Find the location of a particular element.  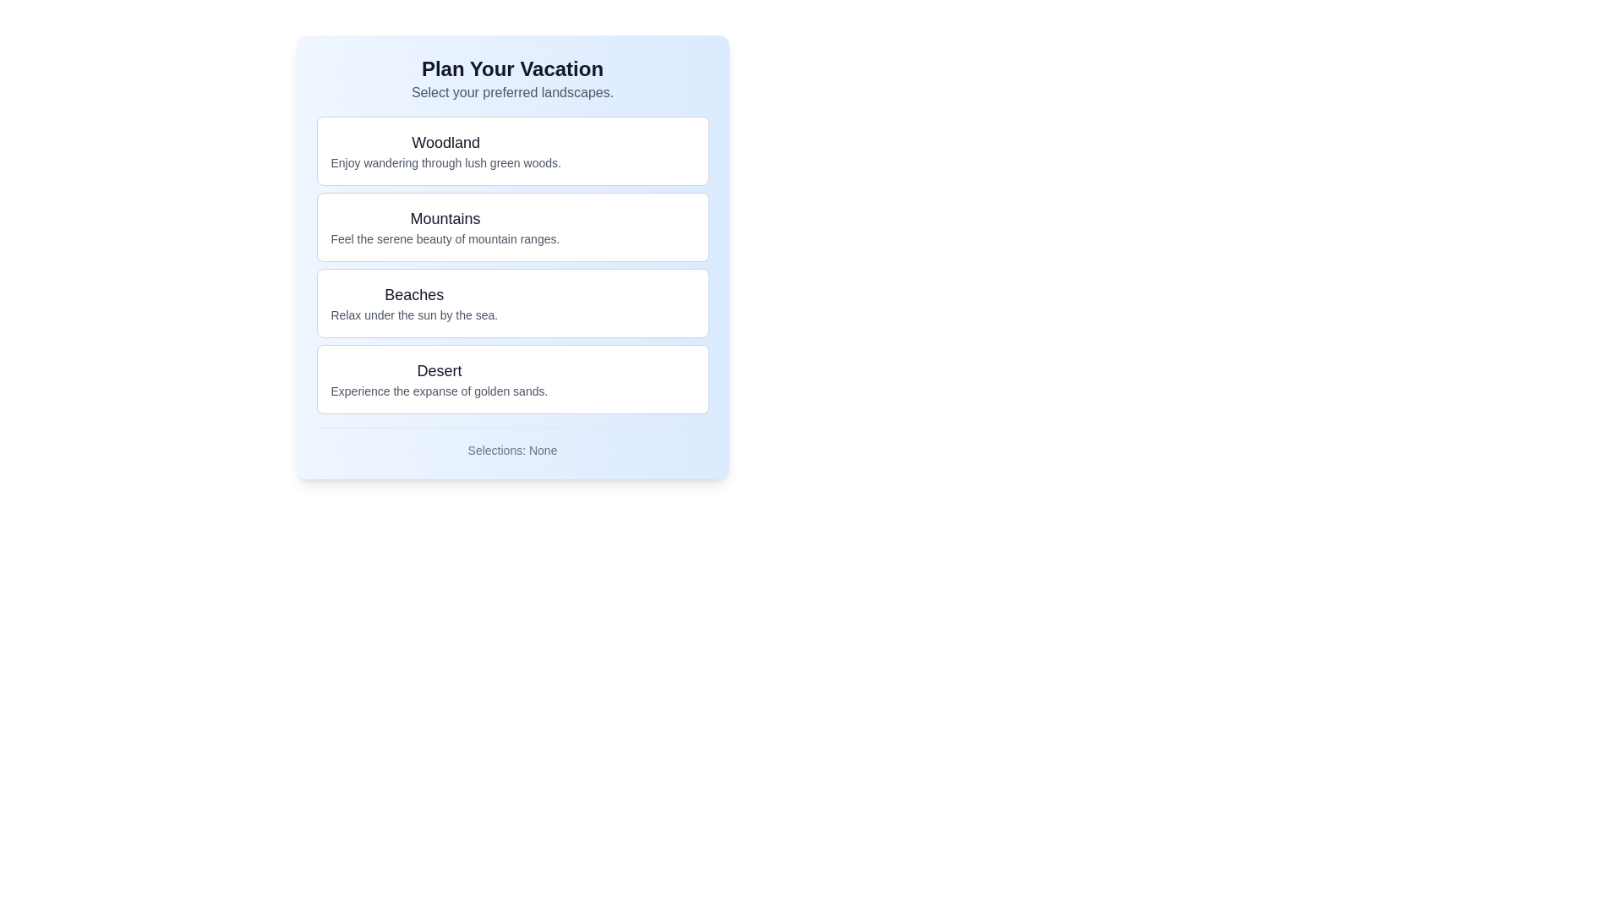

text label located below the title 'Plan Your Vacation' that introduces options for selecting landscape preferences is located at coordinates (511, 93).